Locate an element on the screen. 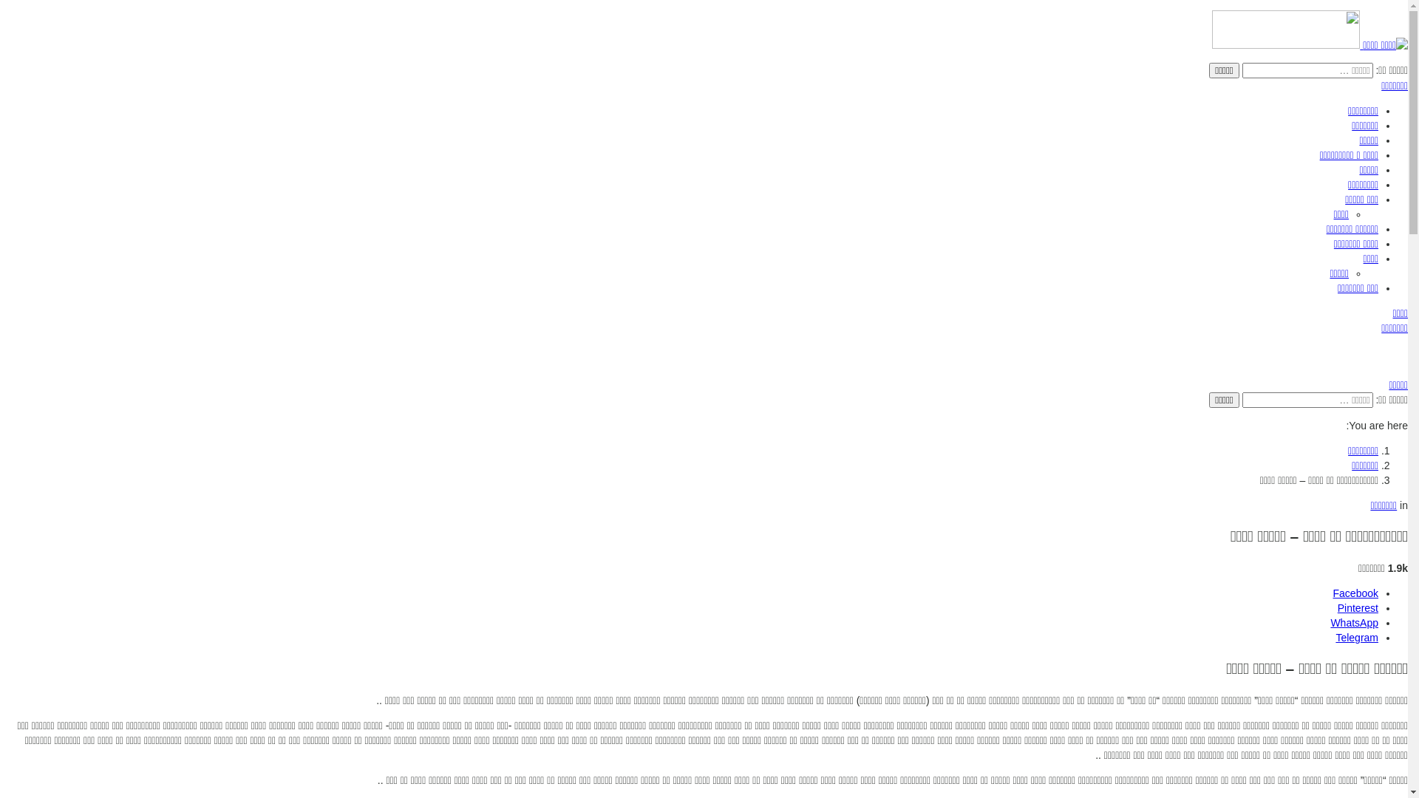 The image size is (1419, 798). 'Telegram' is located at coordinates (1357, 637).